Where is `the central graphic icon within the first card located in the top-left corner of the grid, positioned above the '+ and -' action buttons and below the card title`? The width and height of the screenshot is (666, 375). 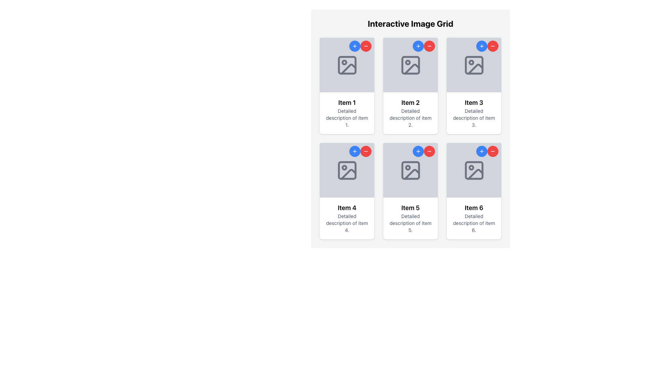
the central graphic icon within the first card located in the top-left corner of the grid, positioned above the '+ and -' action buttons and below the card title is located at coordinates (347, 65).